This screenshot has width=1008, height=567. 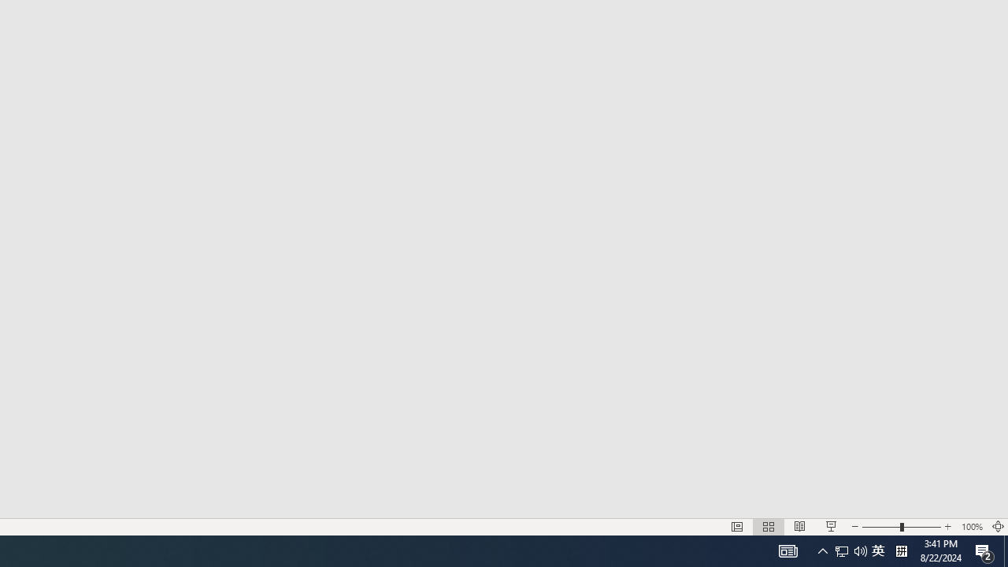 What do you see at coordinates (997, 527) in the screenshot?
I see `'Zoom to Fit '` at bounding box center [997, 527].